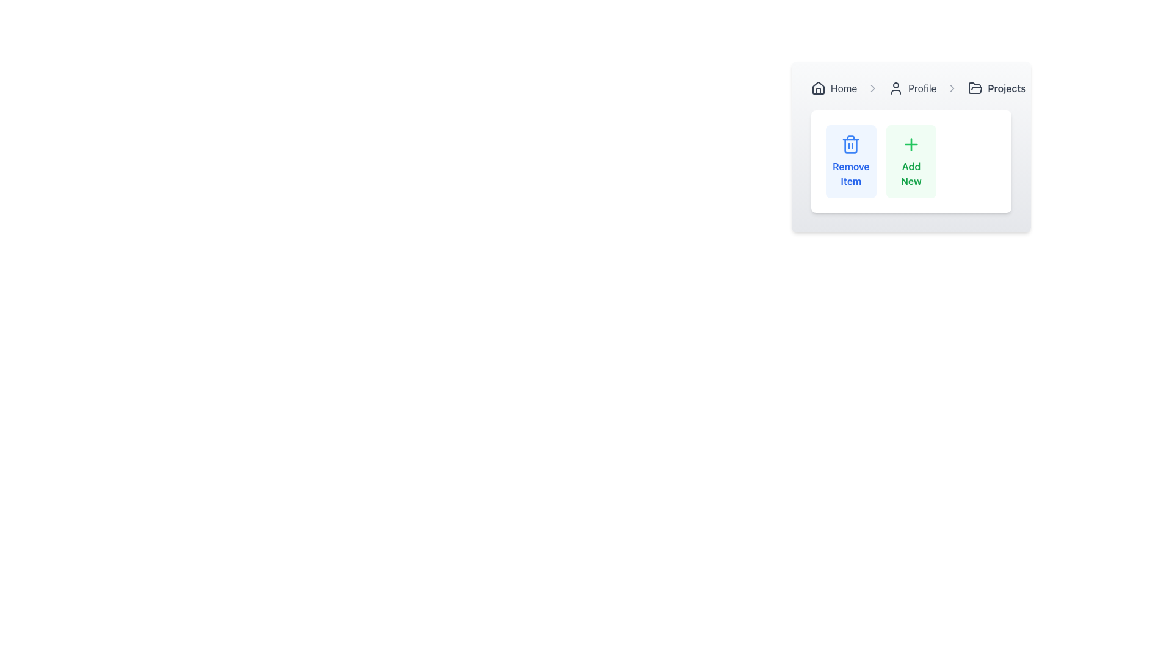 This screenshot has width=1172, height=659. What do you see at coordinates (911, 146) in the screenshot?
I see `the green-colored plus icon located in the 'Add New' card for accessibility` at bounding box center [911, 146].